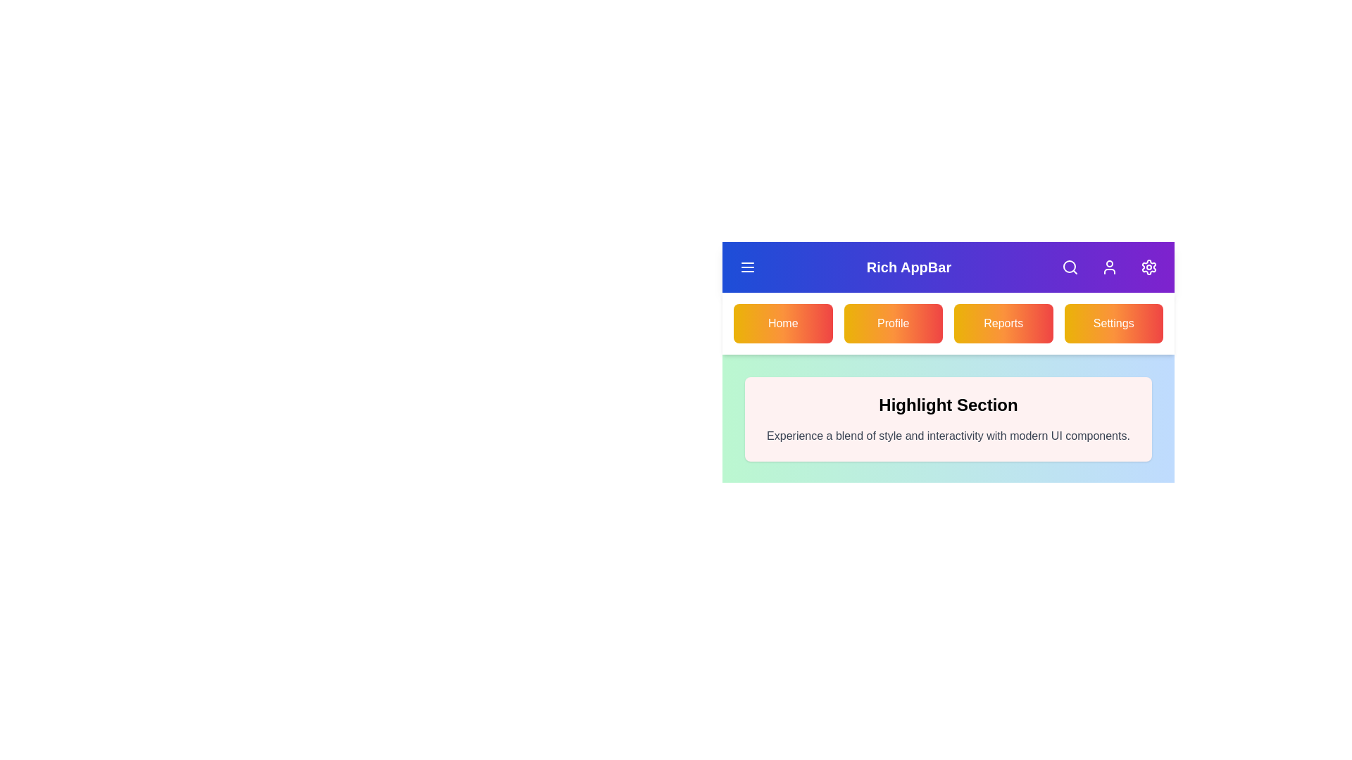 The image size is (1352, 760). I want to click on the button labeled Search to observe its hover effect, so click(1070, 267).